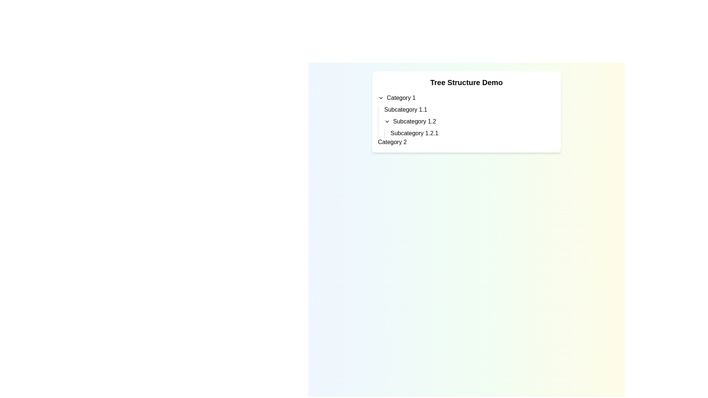 The width and height of the screenshot is (708, 398). Describe the element at coordinates (387, 121) in the screenshot. I see `the small downwards-pointing chevron arrow icon located to the left of the text 'Subcategory 1.2'` at that location.